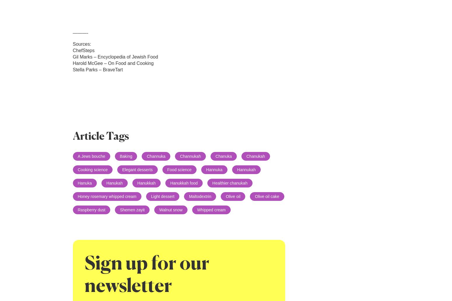 The height and width of the screenshot is (301, 452). What do you see at coordinates (92, 169) in the screenshot?
I see `'Cooking science'` at bounding box center [92, 169].